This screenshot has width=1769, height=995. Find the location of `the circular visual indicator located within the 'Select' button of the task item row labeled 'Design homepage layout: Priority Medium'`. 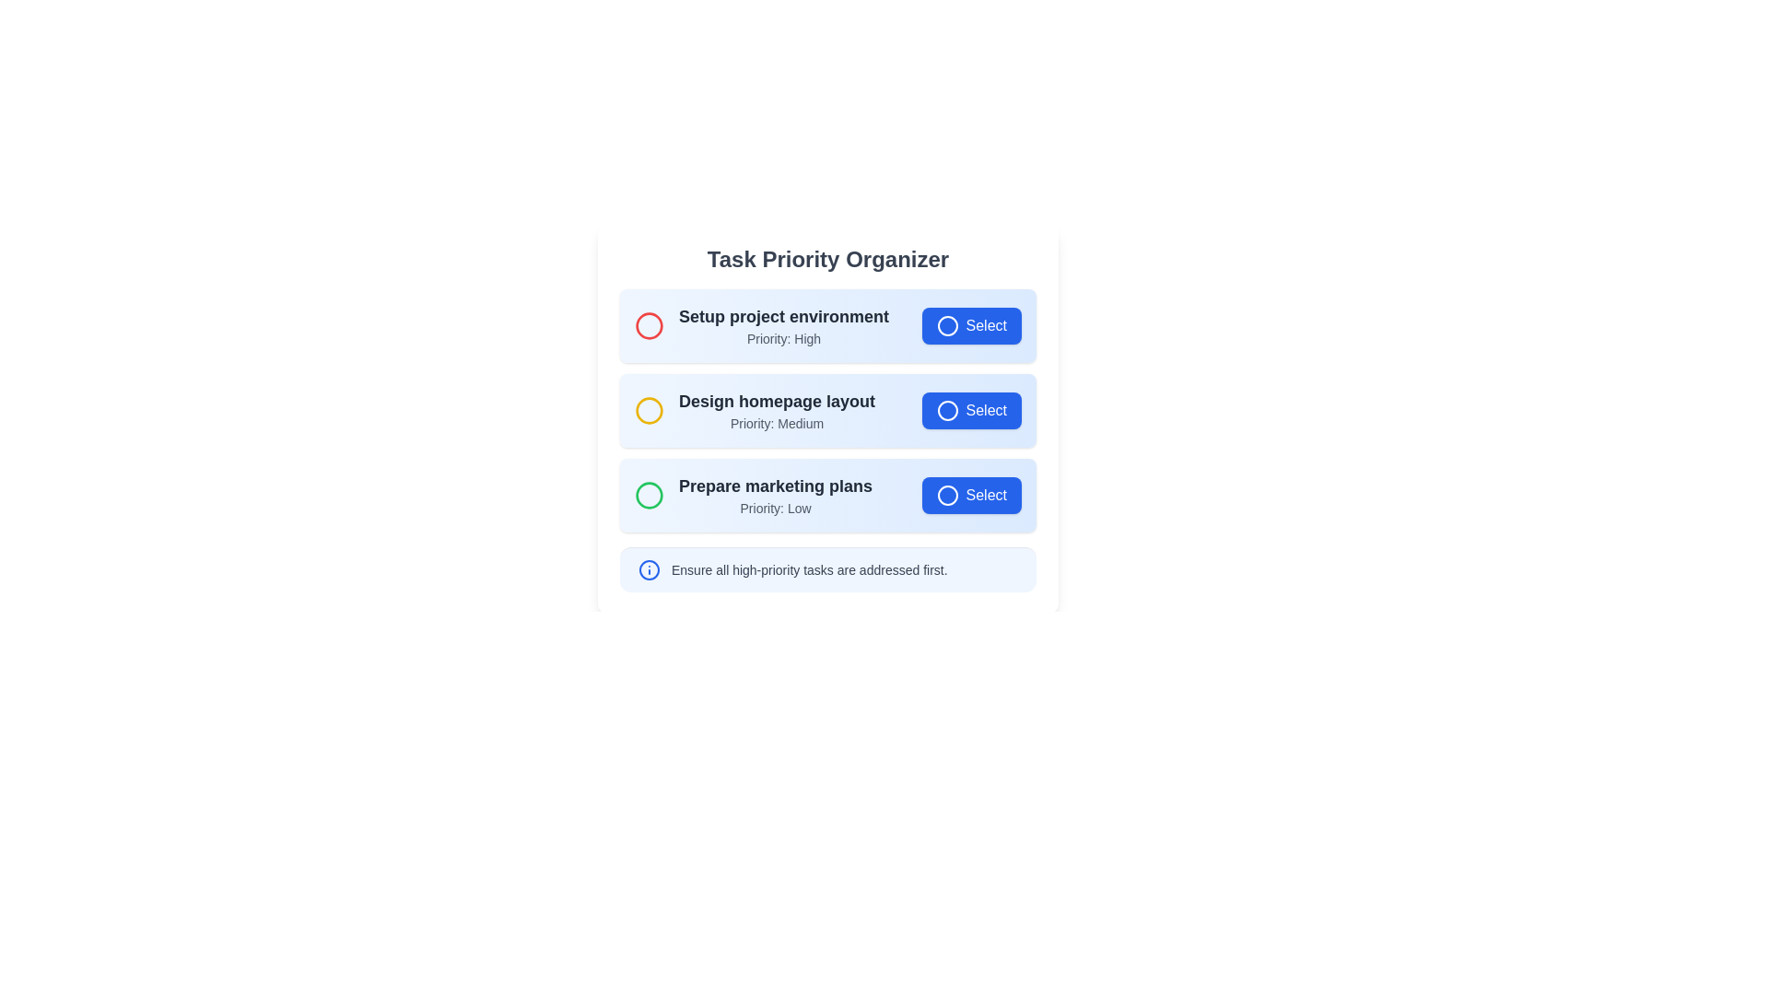

the circular visual indicator located within the 'Select' button of the task item row labeled 'Design homepage layout: Priority Medium' is located at coordinates (947, 410).